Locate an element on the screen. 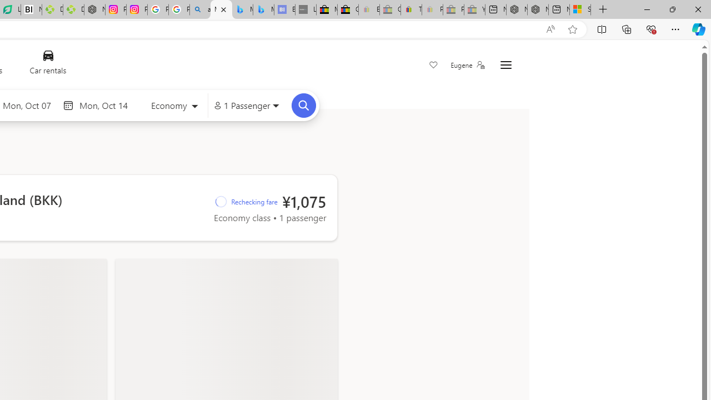 The height and width of the screenshot is (400, 711). 'Save' is located at coordinates (433, 66).